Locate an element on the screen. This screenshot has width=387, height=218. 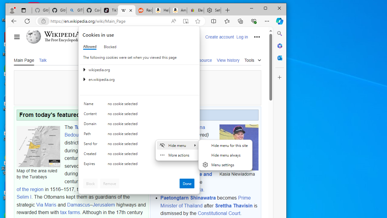
'Hide menu' is located at coordinates (177, 145).